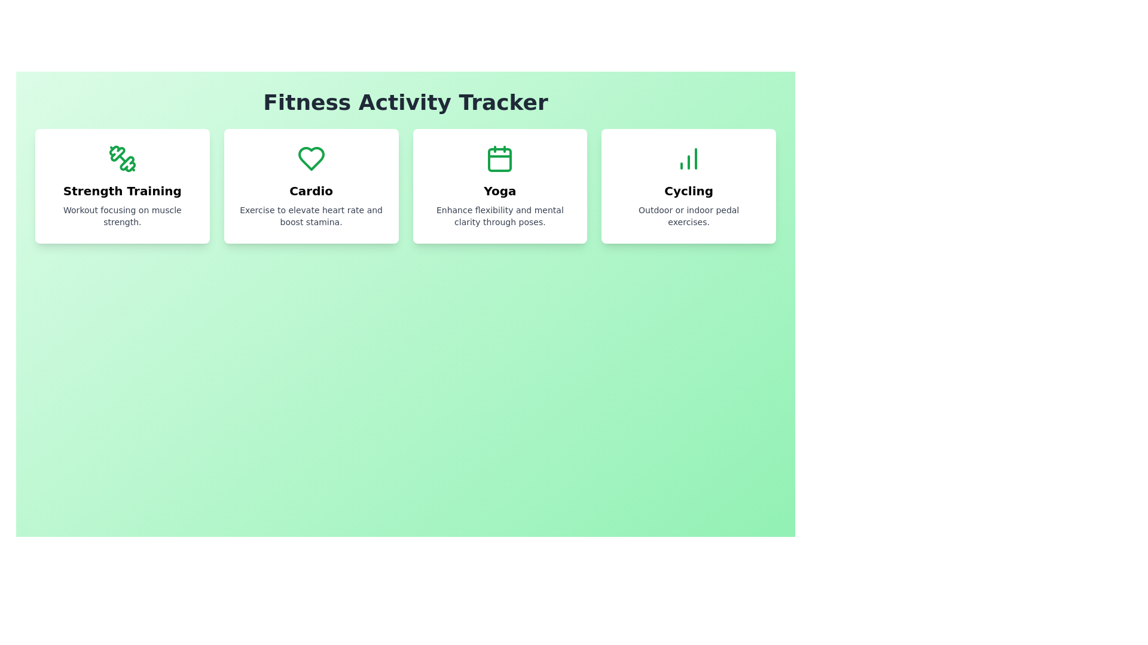  I want to click on the text display element that reads 'Workout focusing on muscle strength,' which is located below the heading 'Strength Training' in the leftmost white card, so click(122, 216).